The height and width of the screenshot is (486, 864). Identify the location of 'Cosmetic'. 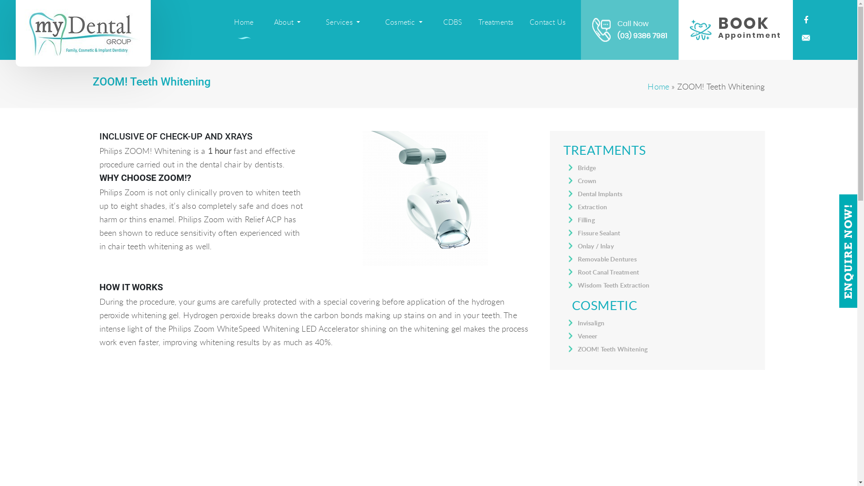
(403, 22).